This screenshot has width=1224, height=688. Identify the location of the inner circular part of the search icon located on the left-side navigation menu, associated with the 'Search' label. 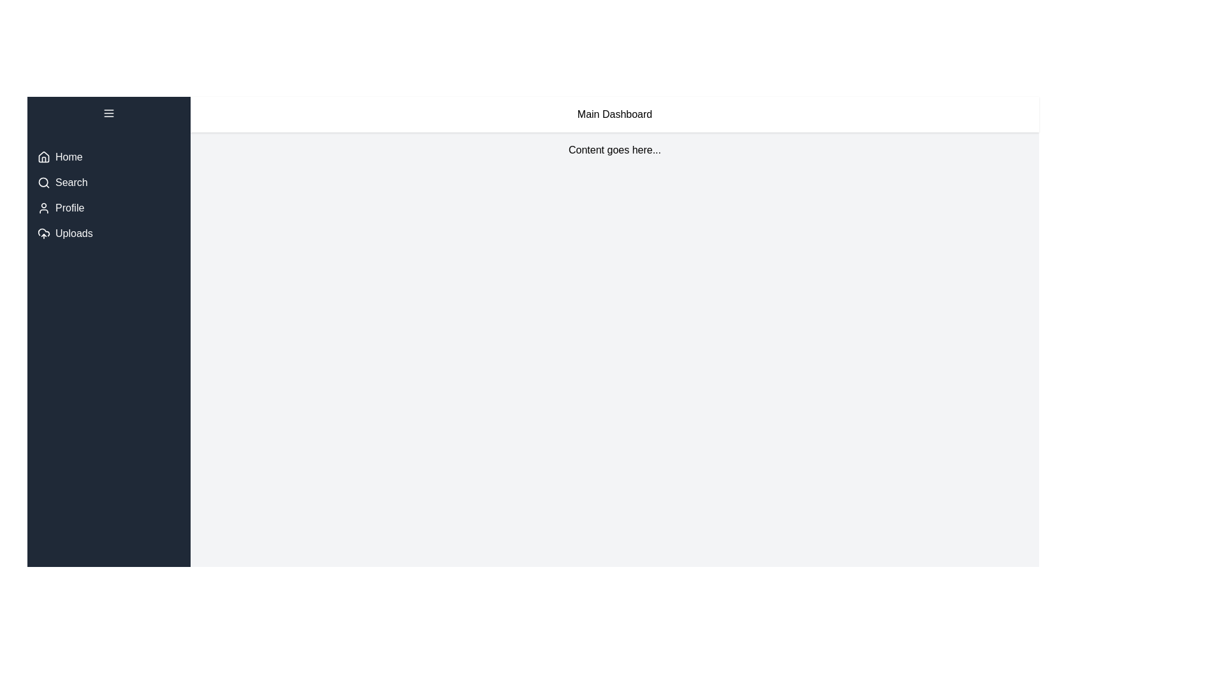
(43, 182).